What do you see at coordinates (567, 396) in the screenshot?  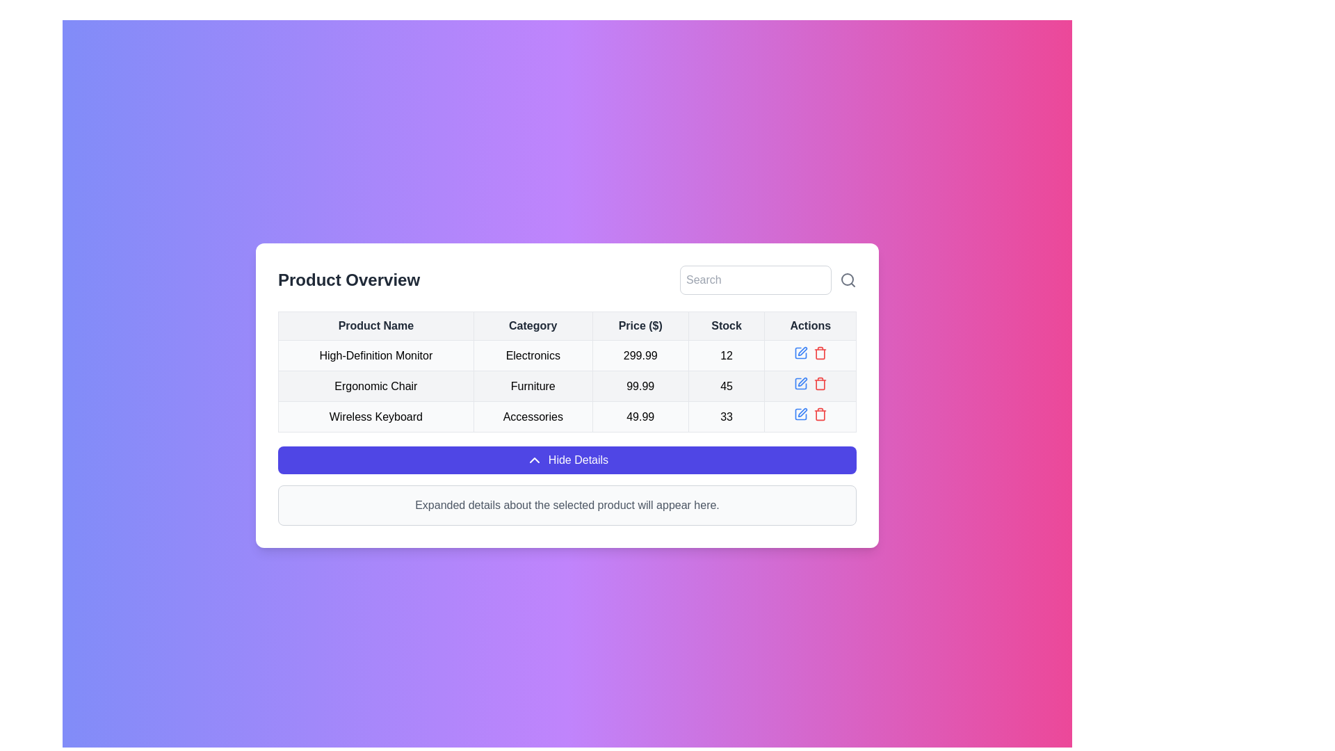 I see `the table cell displaying the category 'Furniture' for the product 'Ergonomic Chair' located in the second row under the 'Category' column` at bounding box center [567, 396].